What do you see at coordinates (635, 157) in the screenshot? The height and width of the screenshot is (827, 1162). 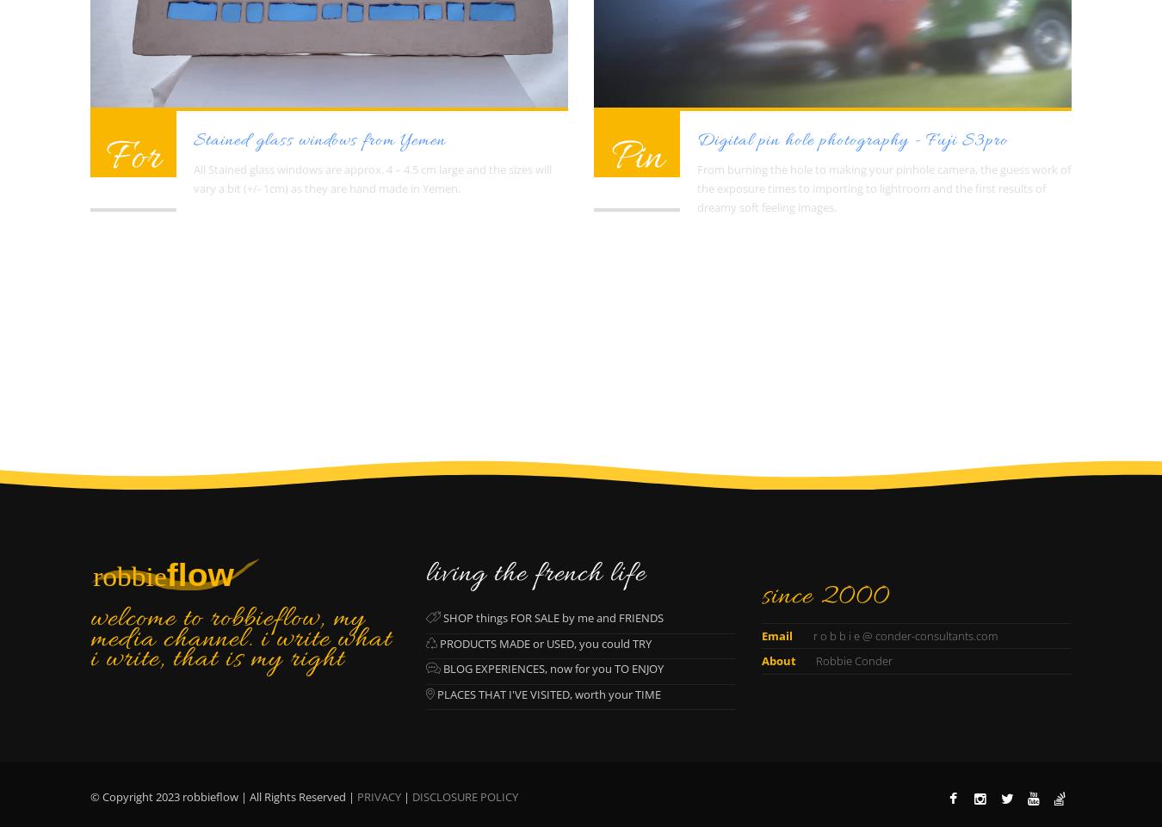 I see `'Pin'` at bounding box center [635, 157].